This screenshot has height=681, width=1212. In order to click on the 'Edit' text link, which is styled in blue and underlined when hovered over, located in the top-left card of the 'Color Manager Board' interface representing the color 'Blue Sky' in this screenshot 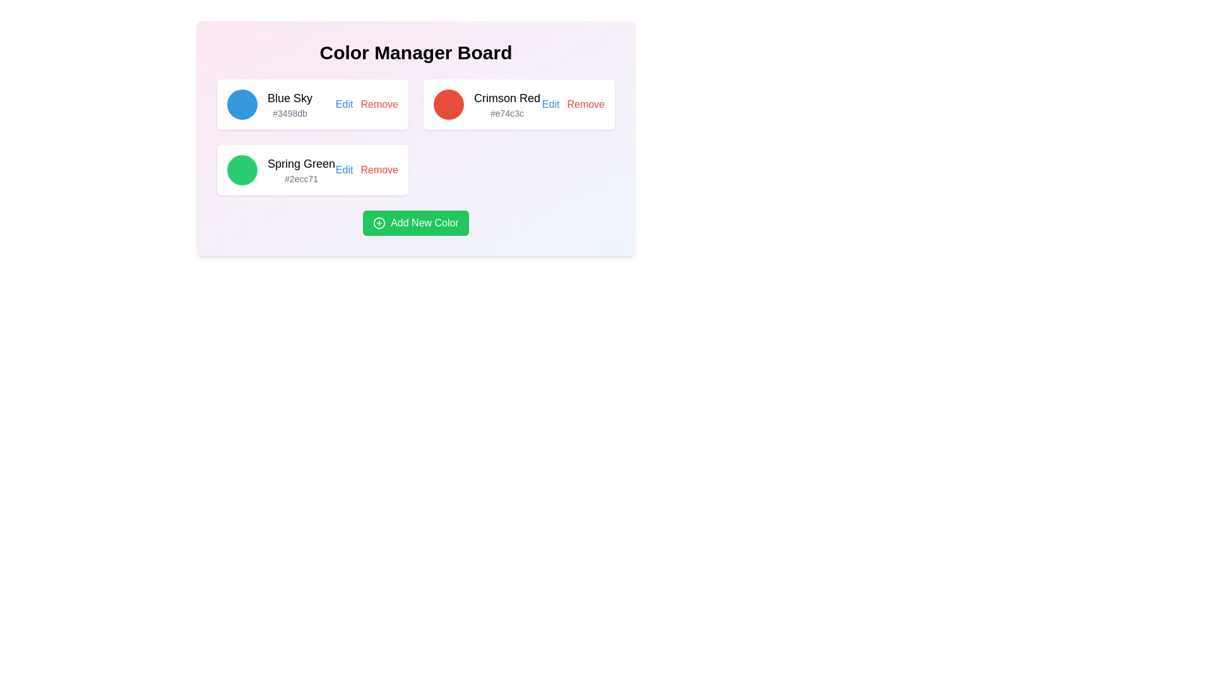, I will do `click(344, 103)`.